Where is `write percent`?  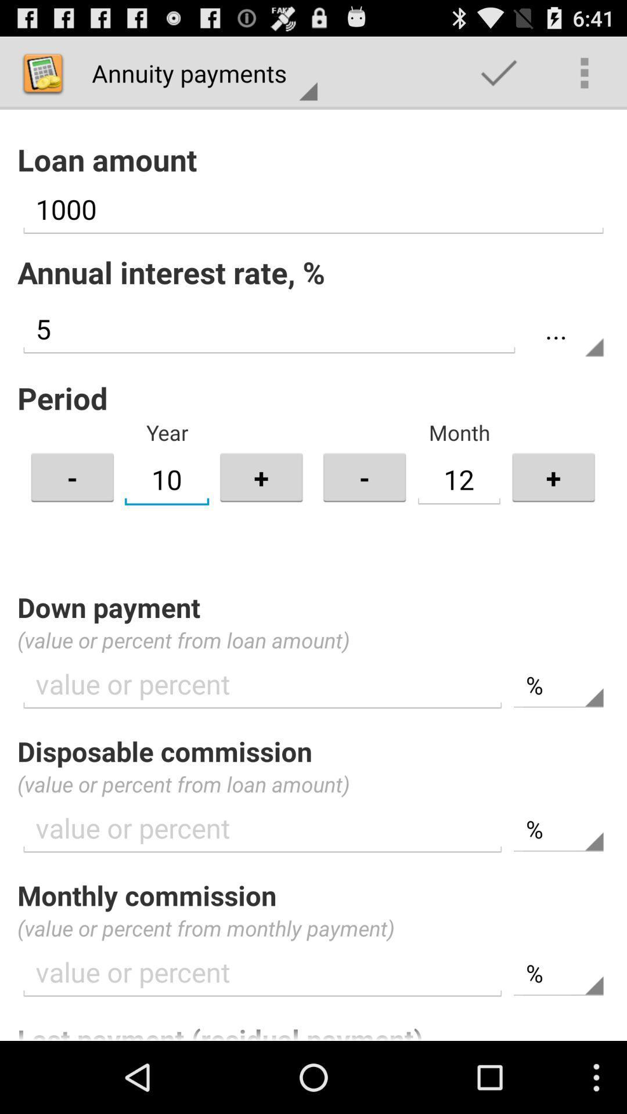 write percent is located at coordinates (262, 972).